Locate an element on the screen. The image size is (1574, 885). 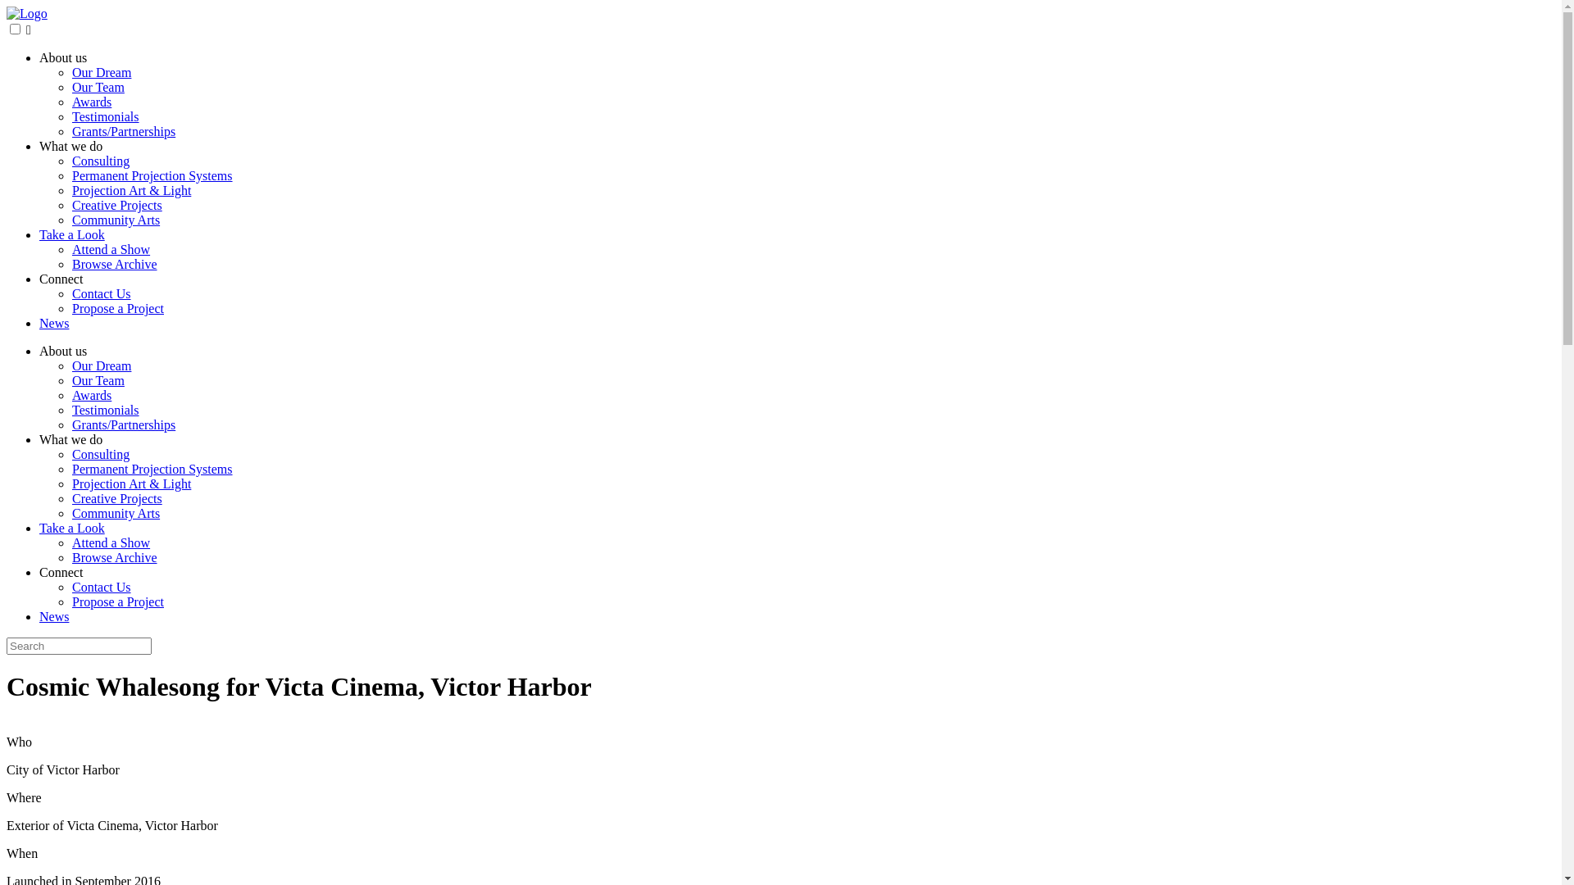
'Propose a Project' is located at coordinates (117, 308).